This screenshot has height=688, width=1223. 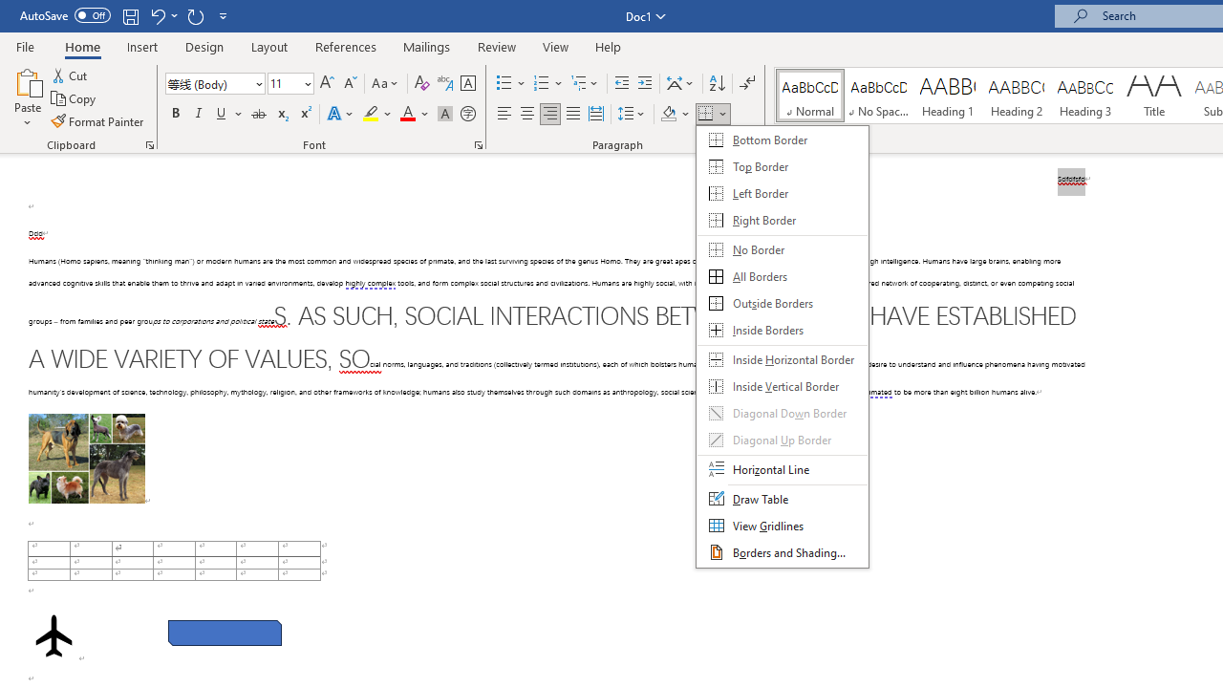 What do you see at coordinates (341, 114) in the screenshot?
I see `'Text Effects and Typography'` at bounding box center [341, 114].